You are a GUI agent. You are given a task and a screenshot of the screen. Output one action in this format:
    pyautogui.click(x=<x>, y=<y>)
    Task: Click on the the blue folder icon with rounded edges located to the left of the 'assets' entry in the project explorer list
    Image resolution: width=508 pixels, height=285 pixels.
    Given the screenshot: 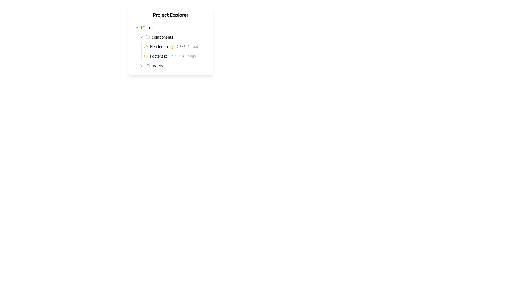 What is the action you would take?
    pyautogui.click(x=147, y=65)
    